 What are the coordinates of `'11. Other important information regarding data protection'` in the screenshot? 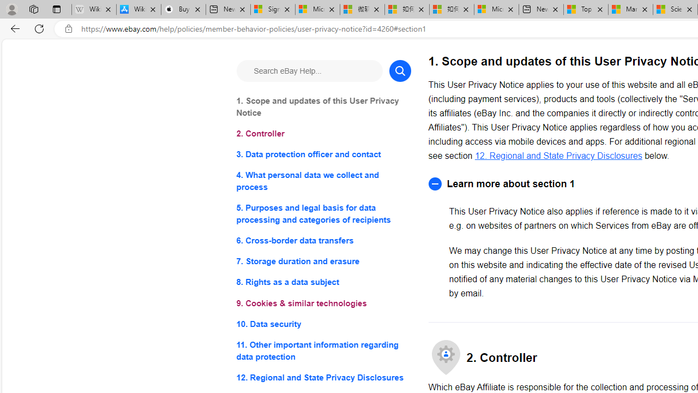 It's located at (323, 350).